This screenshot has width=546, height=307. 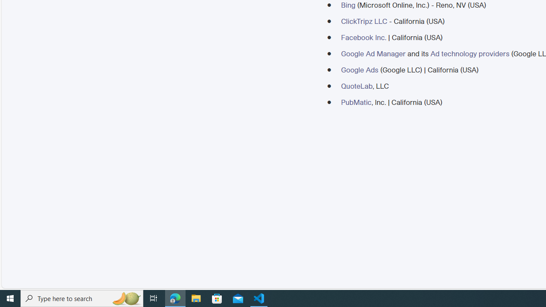 I want to click on 'QuoteLab', so click(x=357, y=86).